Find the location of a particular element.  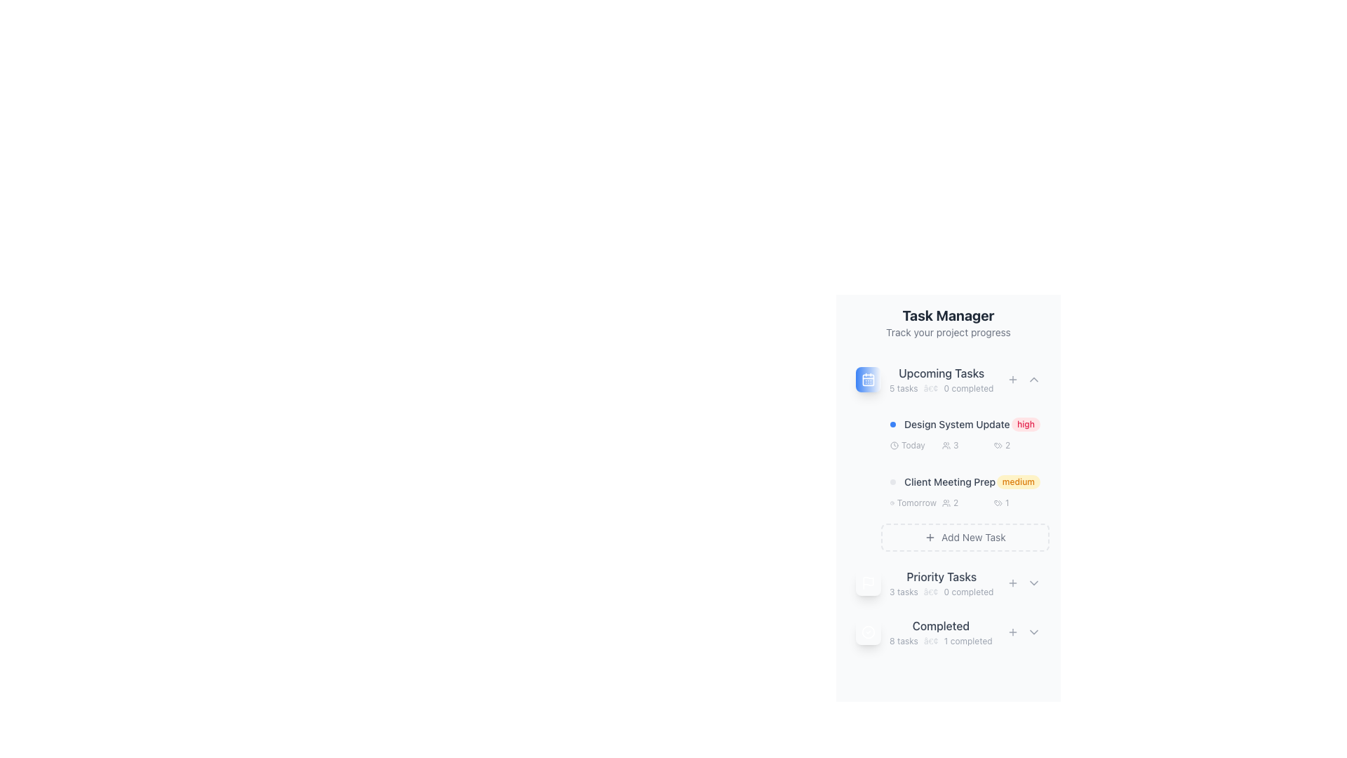

the 'Priority Tasks' text label, which is styled in medium-weight gray font and located in the task management interface above '3 tasks • 0 completed' is located at coordinates (941, 576).